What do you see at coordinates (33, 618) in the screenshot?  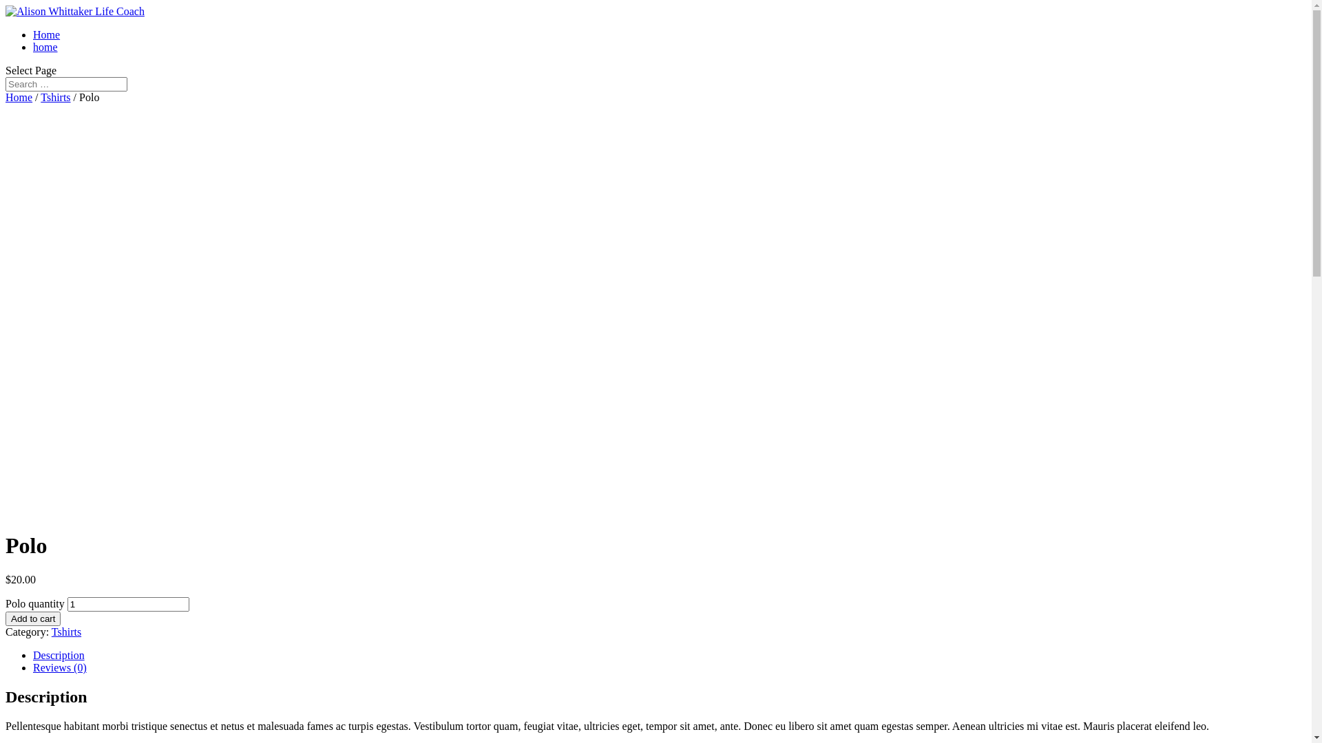 I see `'Add to cart'` at bounding box center [33, 618].